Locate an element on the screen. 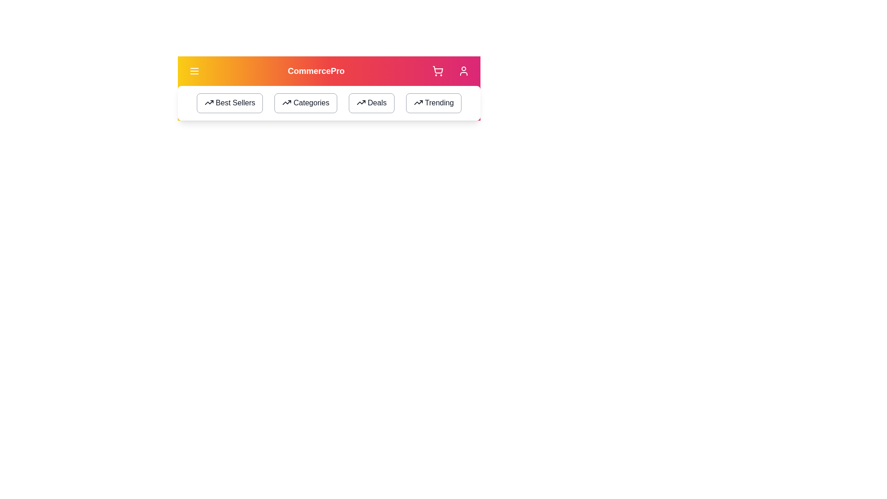  the menu button to toggle the menu visibility is located at coordinates (194, 71).